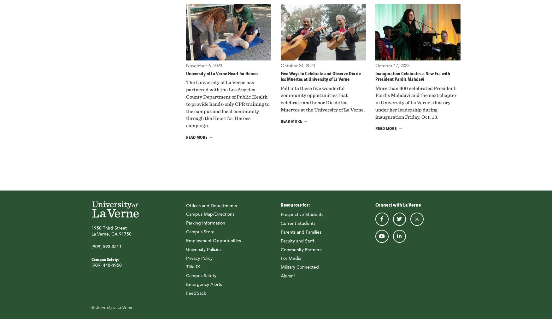 The width and height of the screenshot is (552, 319). I want to click on 'The University of La Verne has partnered with the Los Angeles County Department of Public Health to provide hands-only CPR training to the campus and local community through the Heart for Heroes campaign.', so click(186, 104).